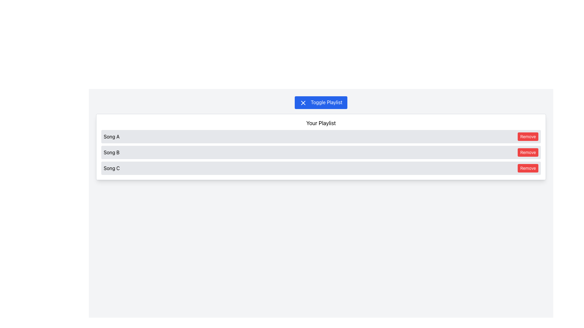  I want to click on the 'close' or 'cancel' icon located within the 'Toggle Playlist' button at the top center of the interface, so click(303, 102).